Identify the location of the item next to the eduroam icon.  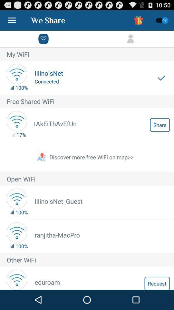
(157, 283).